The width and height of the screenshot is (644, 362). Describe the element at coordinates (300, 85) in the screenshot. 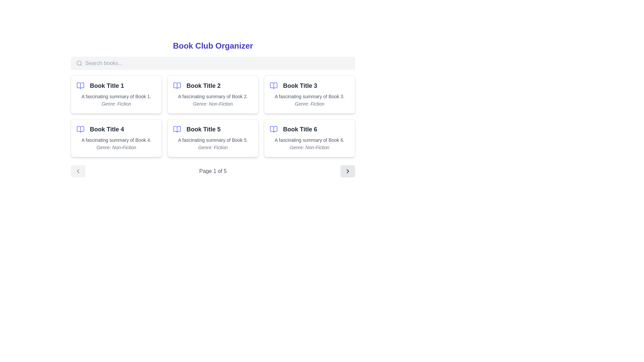

I see `the text content of the label displaying 'Book Title 3', which is styled with 'text-lg font-semibold text-gray-800' and located in the second column of the first row of a grid-like structure` at that location.